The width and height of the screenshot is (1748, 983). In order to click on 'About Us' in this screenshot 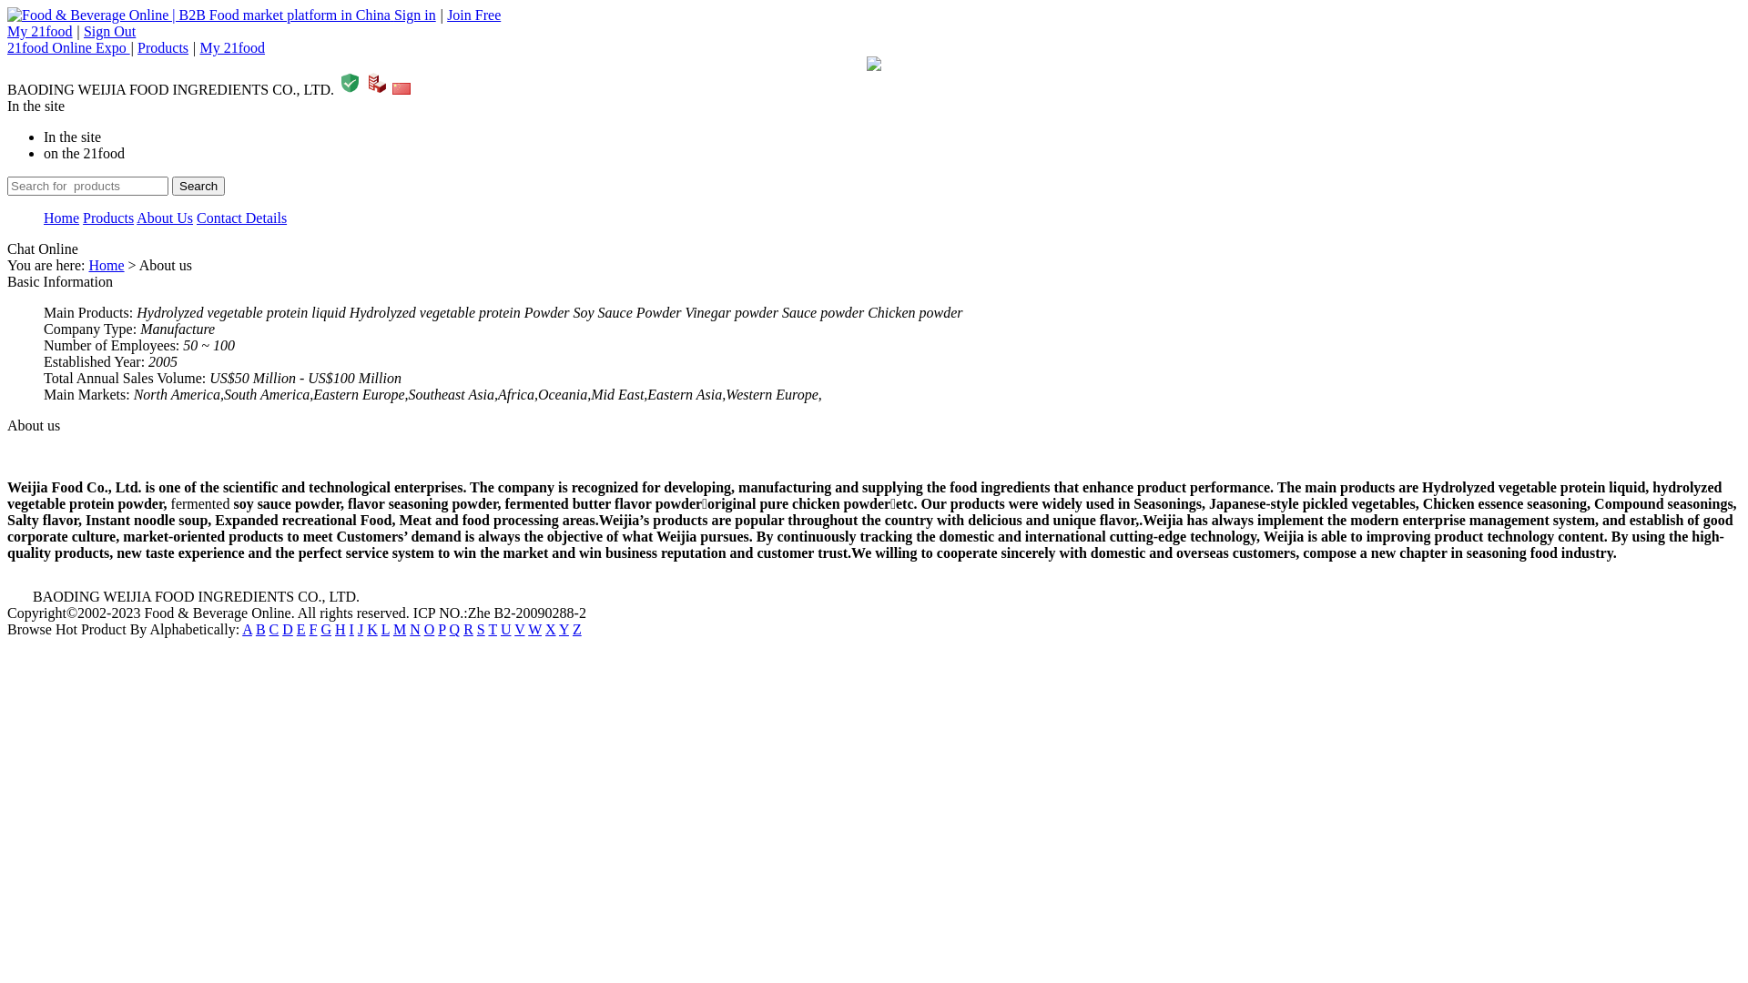, I will do `click(165, 217)`.